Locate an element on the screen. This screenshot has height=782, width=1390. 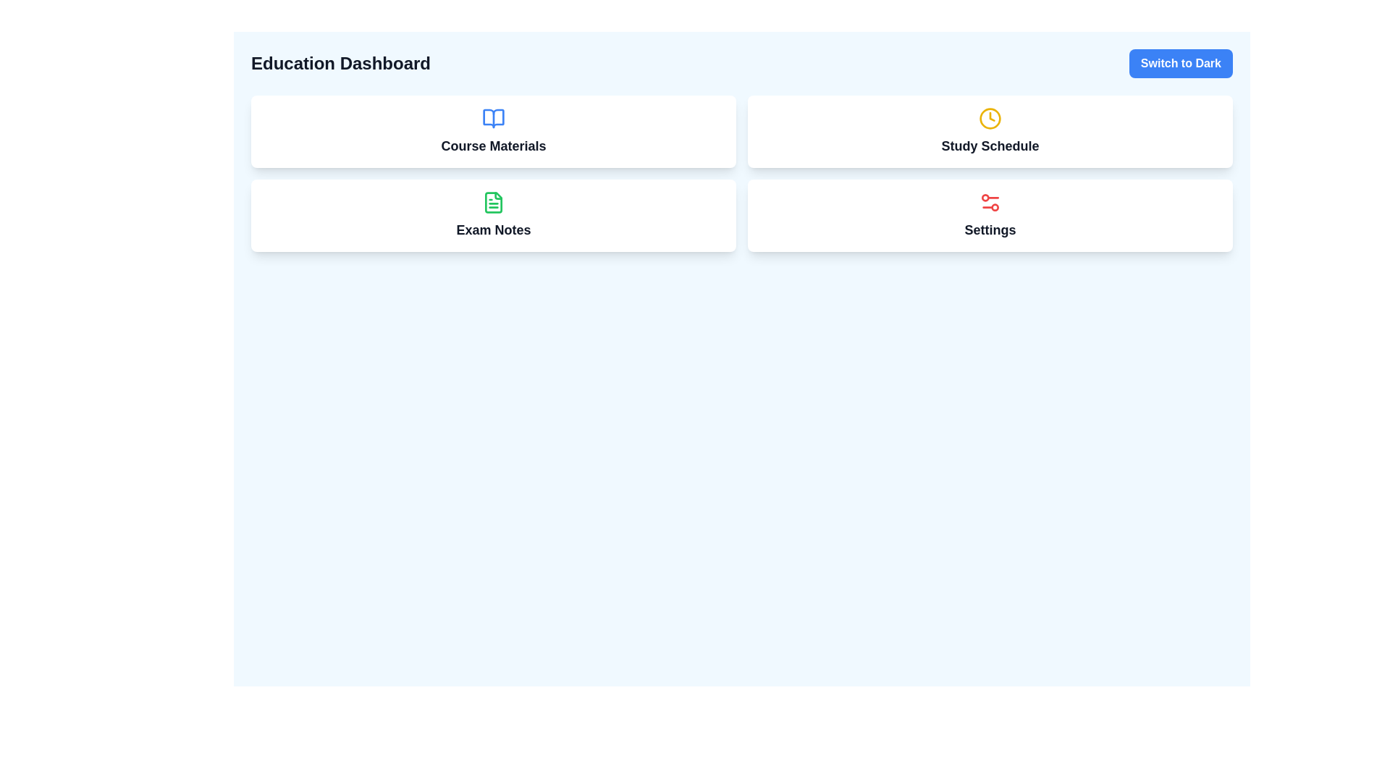
the visual appearance of the 'Exam Notes' icon, which is centered at the top of the 'Exam Notes' section in the bottom-left quadrant of the main grid is located at coordinates (493, 203).